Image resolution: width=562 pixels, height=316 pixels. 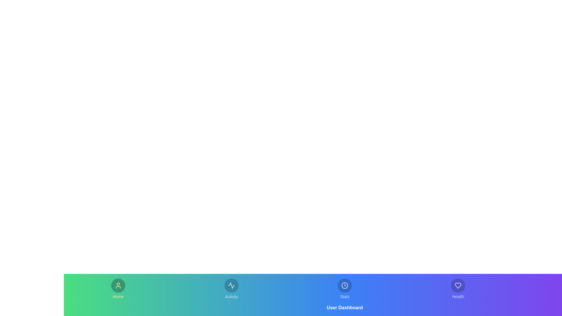 What do you see at coordinates (118, 288) in the screenshot?
I see `the tab labeled Home to observe its hover effect` at bounding box center [118, 288].